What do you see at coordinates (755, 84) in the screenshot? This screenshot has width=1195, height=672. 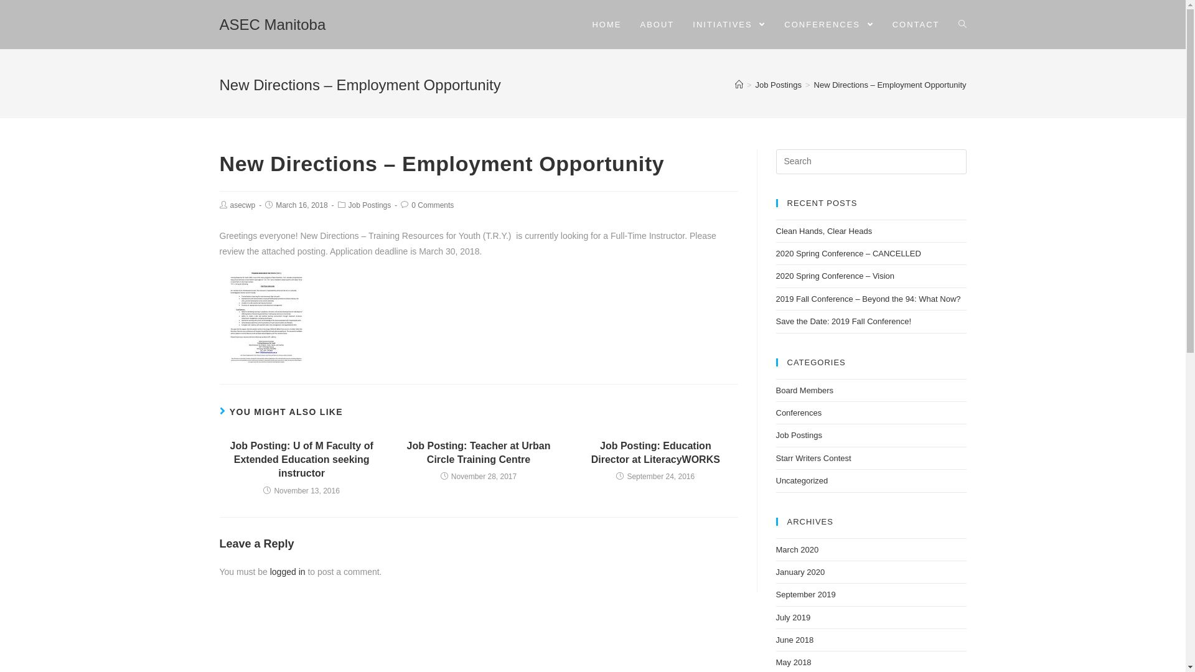 I see `'Job Postings'` at bounding box center [755, 84].